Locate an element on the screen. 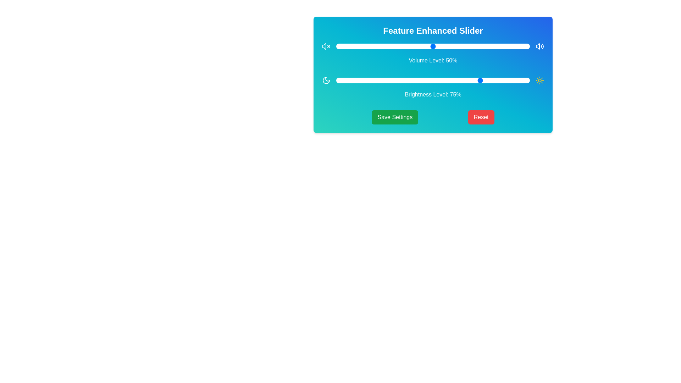 This screenshot has height=383, width=681. brightness is located at coordinates (438, 80).